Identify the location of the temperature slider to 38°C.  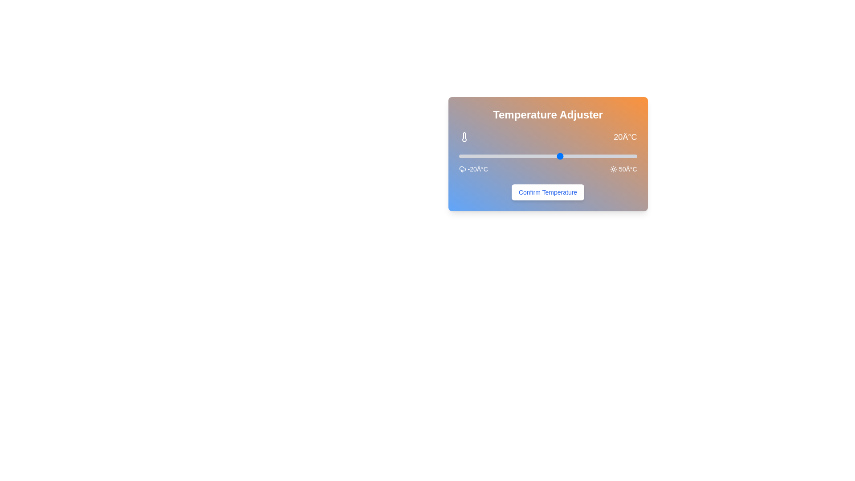
(606, 156).